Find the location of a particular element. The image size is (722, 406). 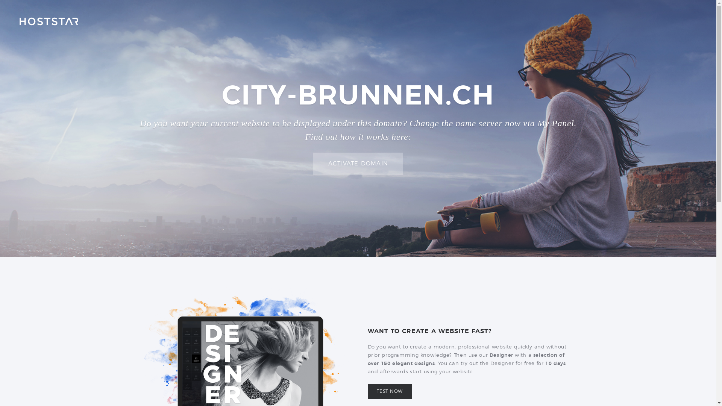

'TEST NOW' is located at coordinates (390, 391).